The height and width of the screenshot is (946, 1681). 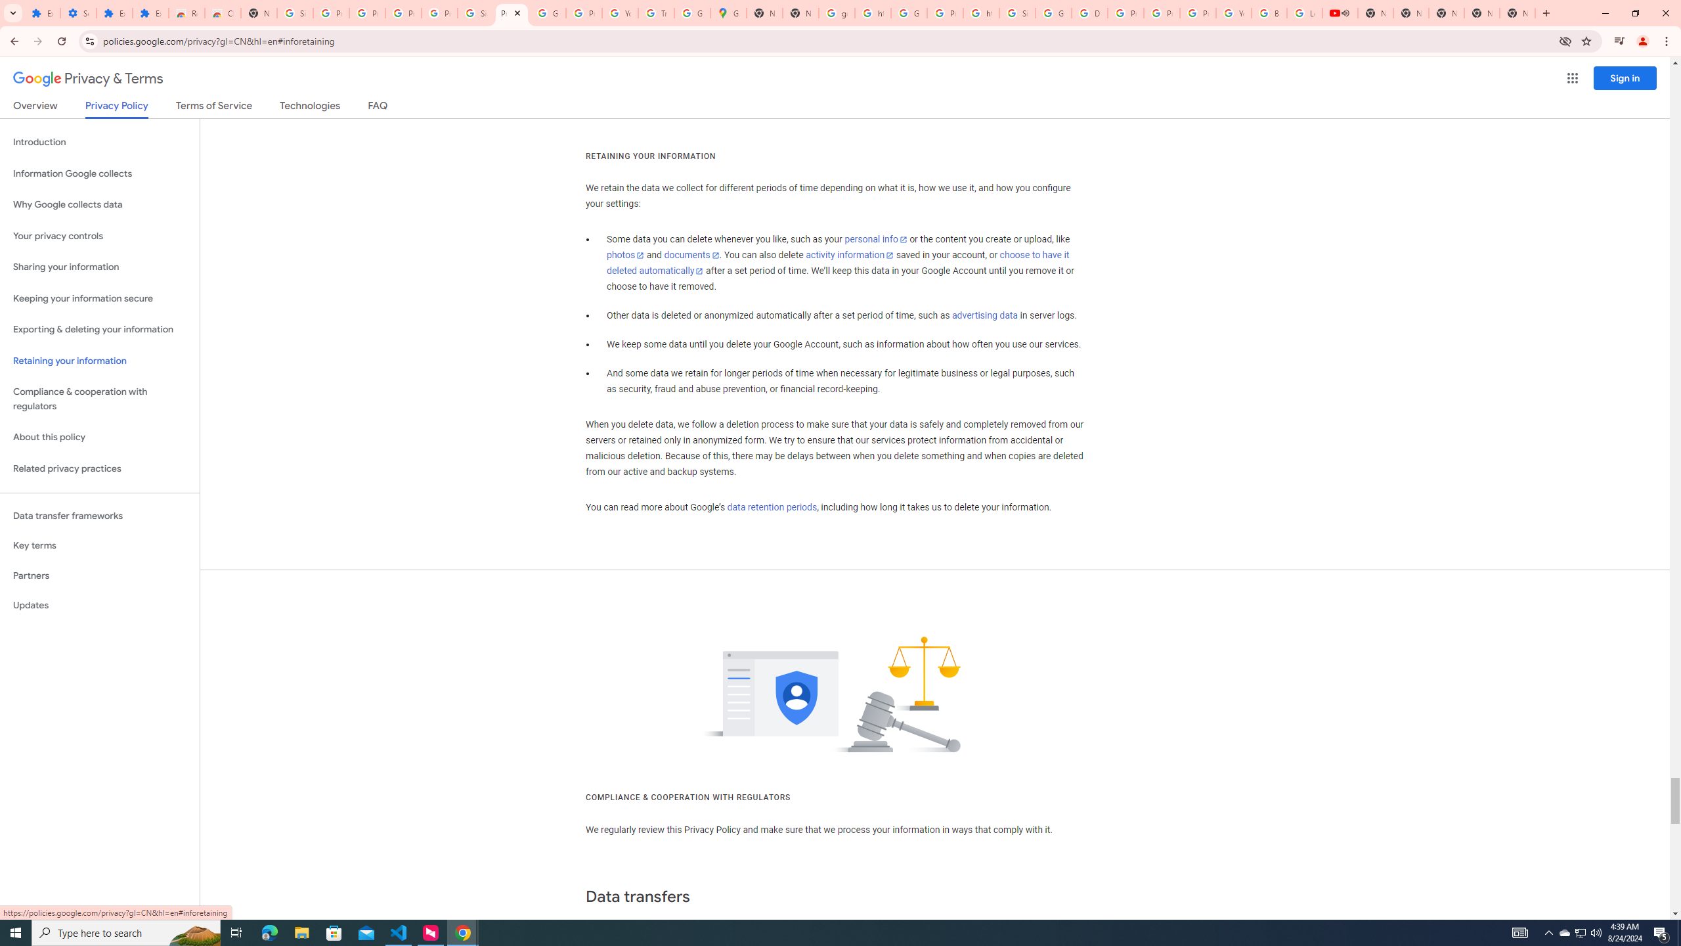 I want to click on 'About this policy', so click(x=99, y=438).